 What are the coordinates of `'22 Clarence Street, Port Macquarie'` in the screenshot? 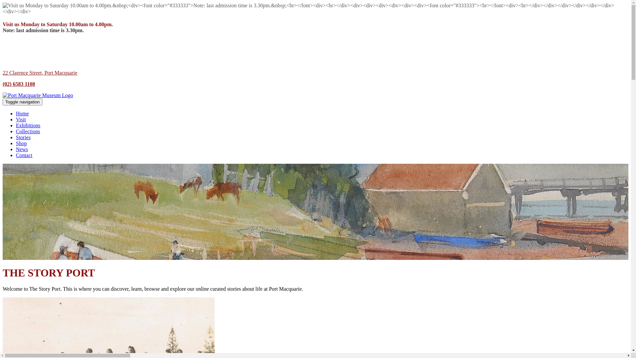 It's located at (39, 73).